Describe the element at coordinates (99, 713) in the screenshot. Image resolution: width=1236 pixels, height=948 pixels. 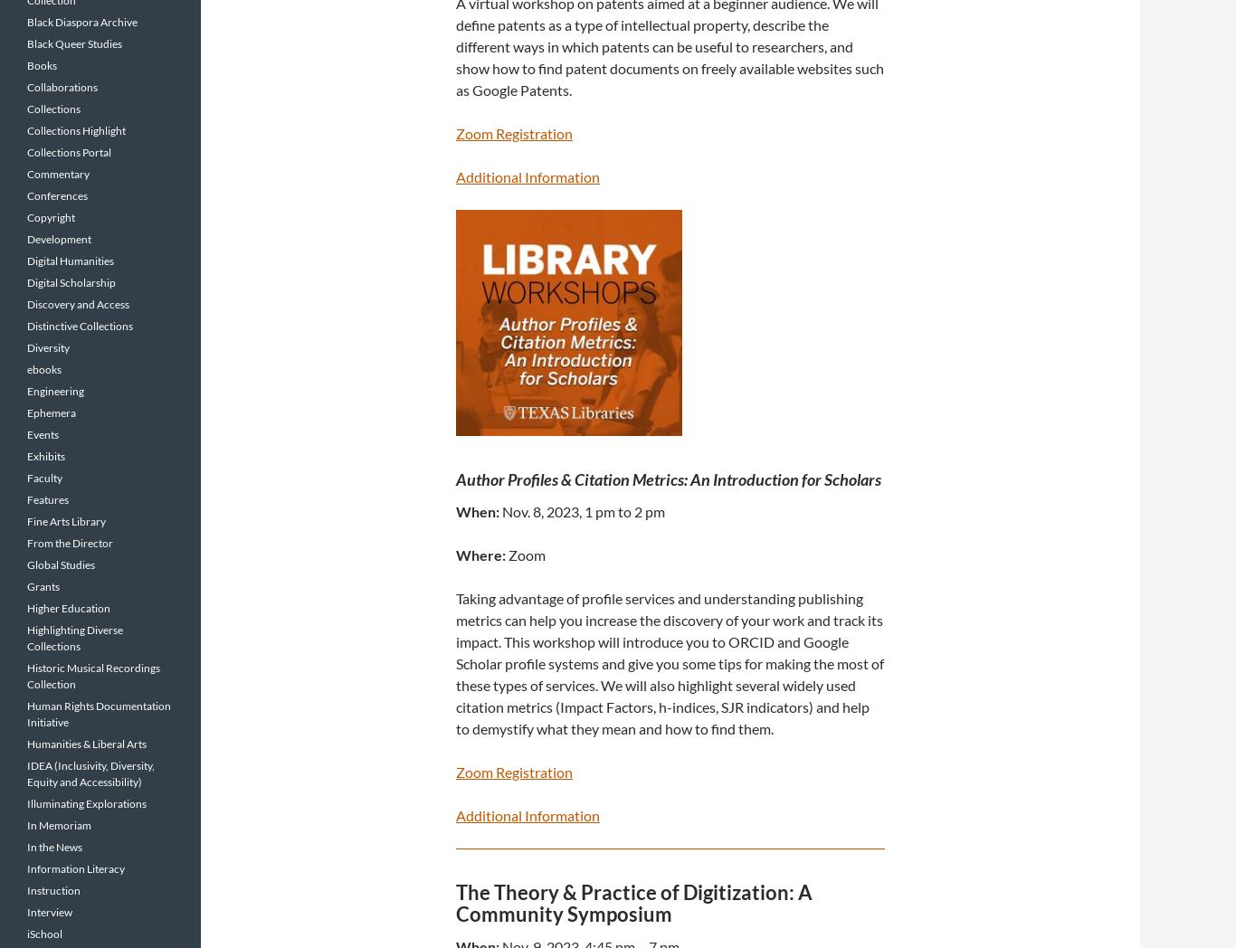
I see `'Human Rights Documentation Initiative'` at that location.